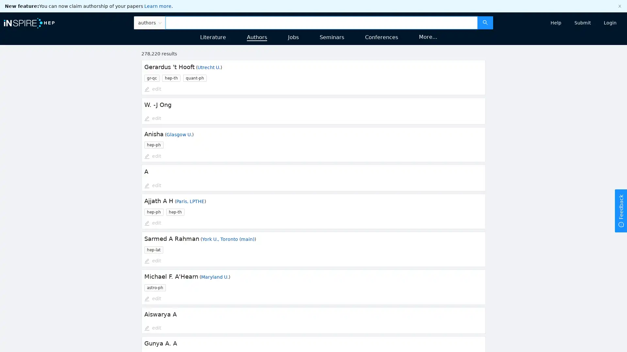 This screenshot has width=627, height=352. I want to click on edit edit, so click(152, 328).